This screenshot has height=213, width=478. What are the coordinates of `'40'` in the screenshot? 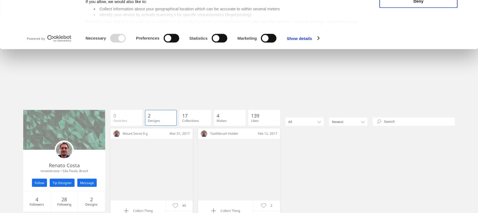 It's located at (184, 205).